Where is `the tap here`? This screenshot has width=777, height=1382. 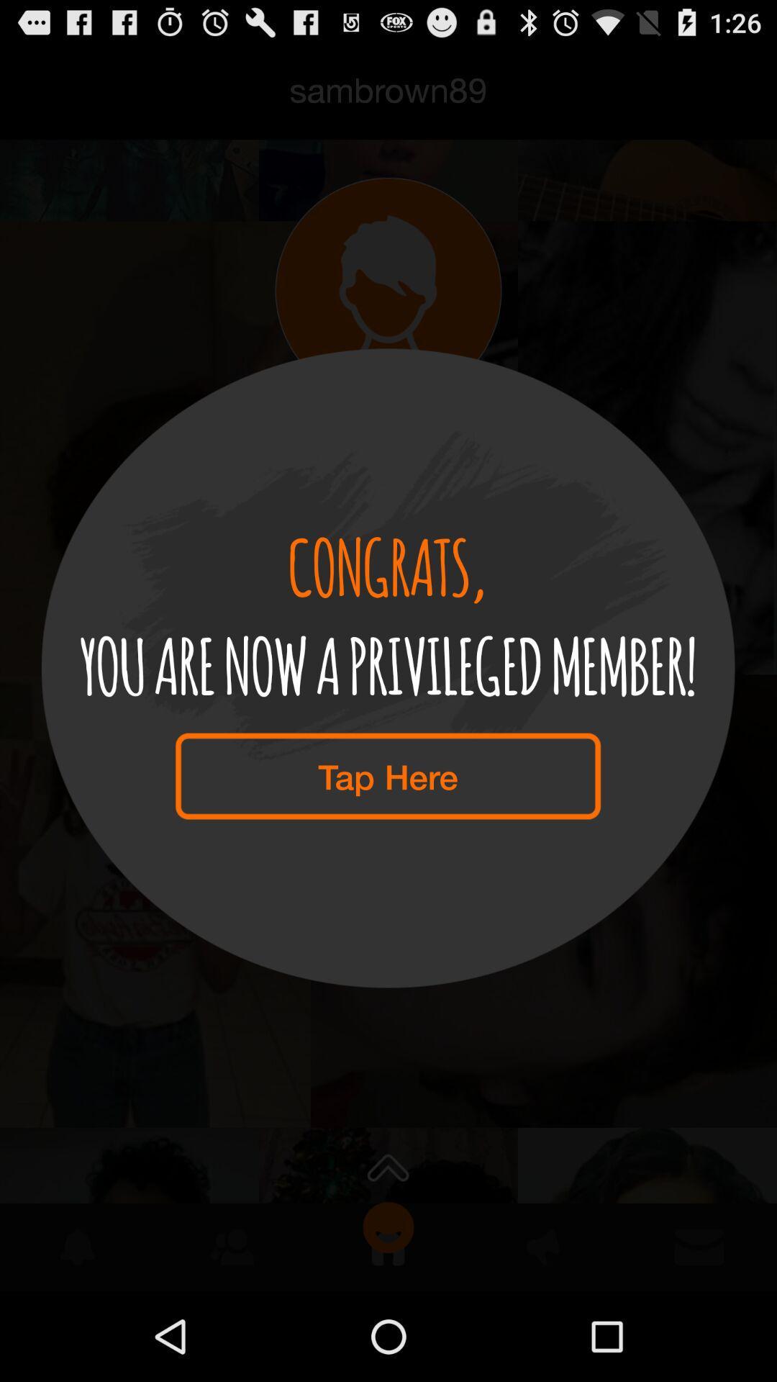
the tap here is located at coordinates (387, 775).